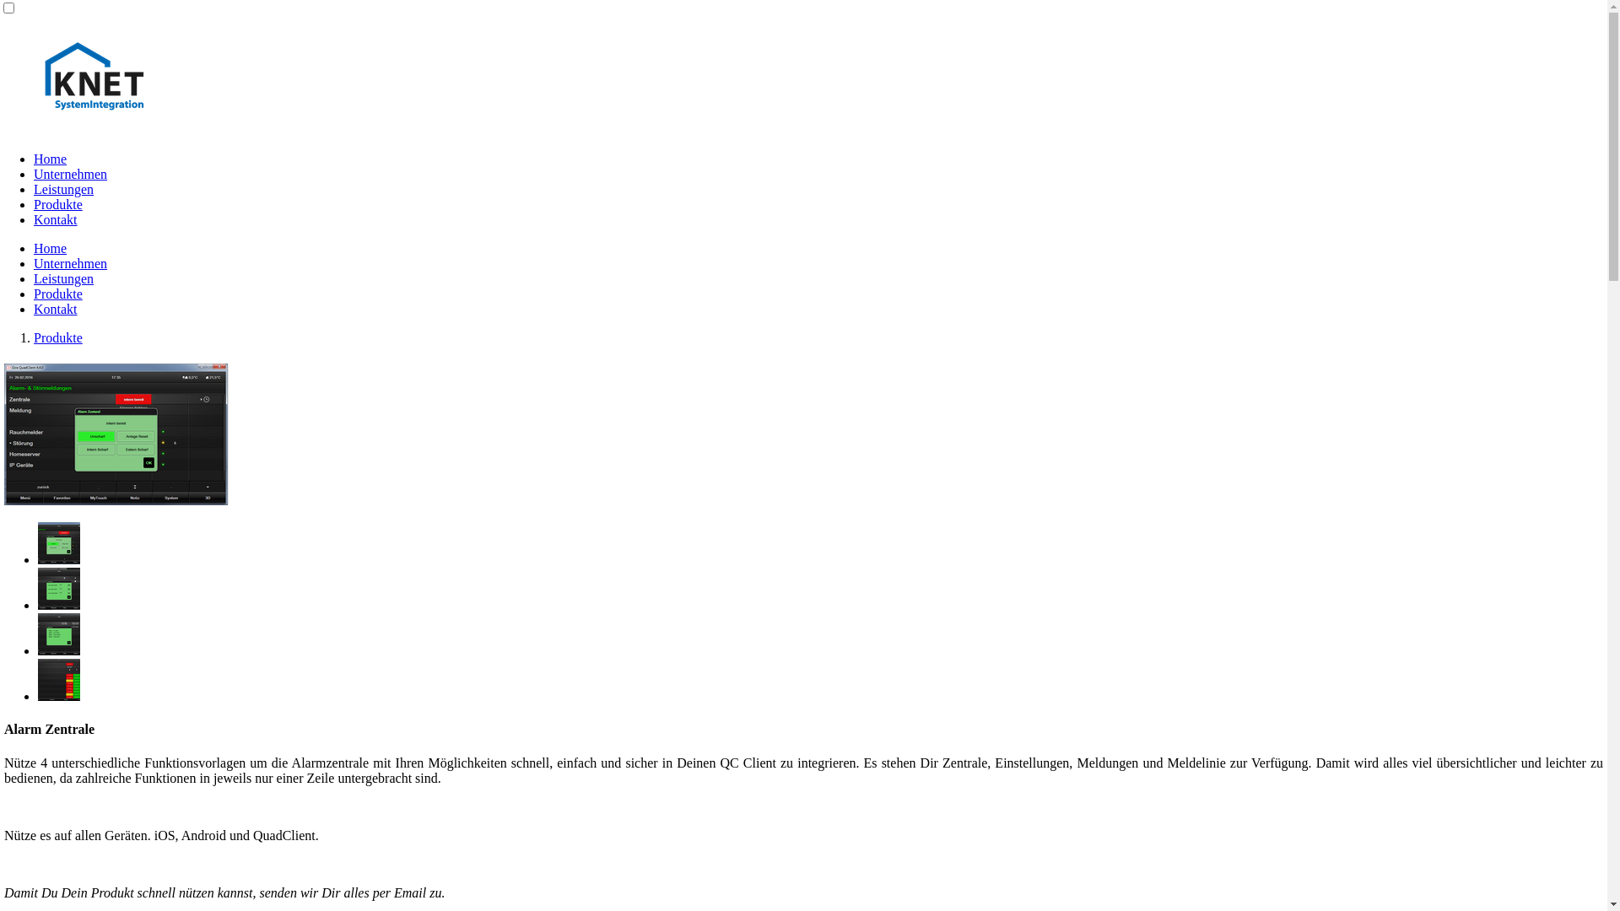 Image resolution: width=1620 pixels, height=911 pixels. I want to click on 'Produkte', so click(57, 293).